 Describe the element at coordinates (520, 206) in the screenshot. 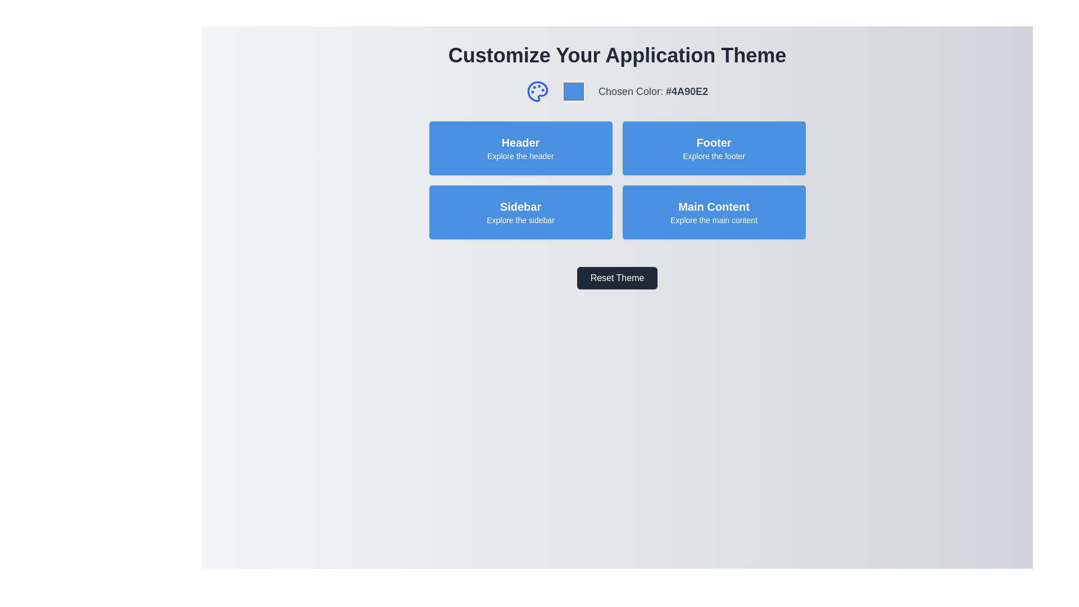

I see `text label that serves as a title for the 'Sidebar' button, located within the blue button labeled 'Sidebar Explore the sidebar' in the bottom-left section of the four-button grid` at that location.